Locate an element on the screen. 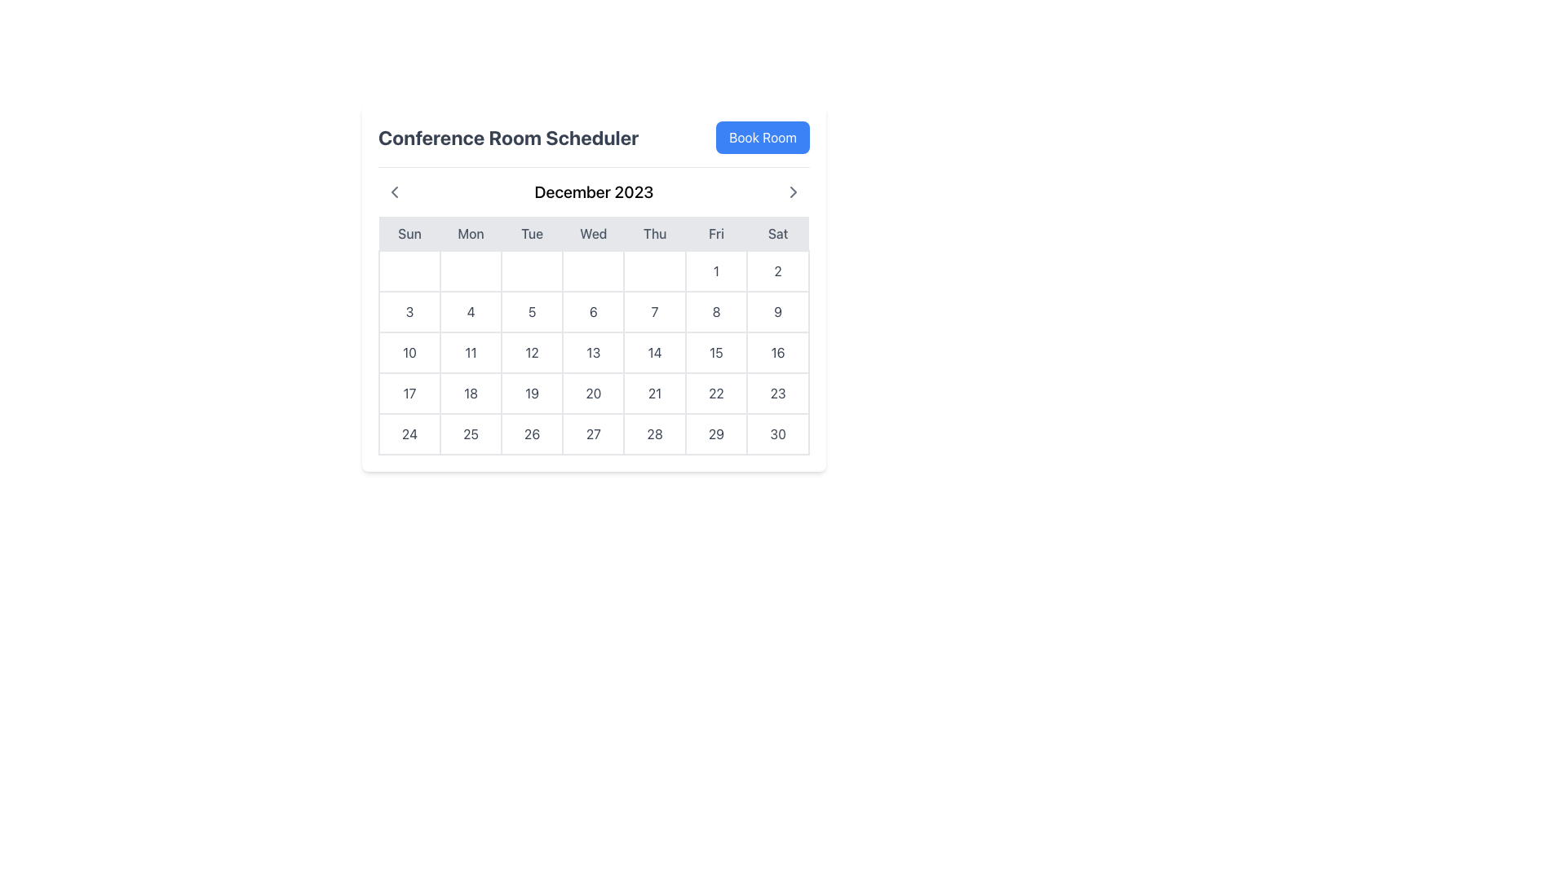 This screenshot has height=880, width=1566. the Button-like calendar date element displaying the number '26' is located at coordinates (532, 433).